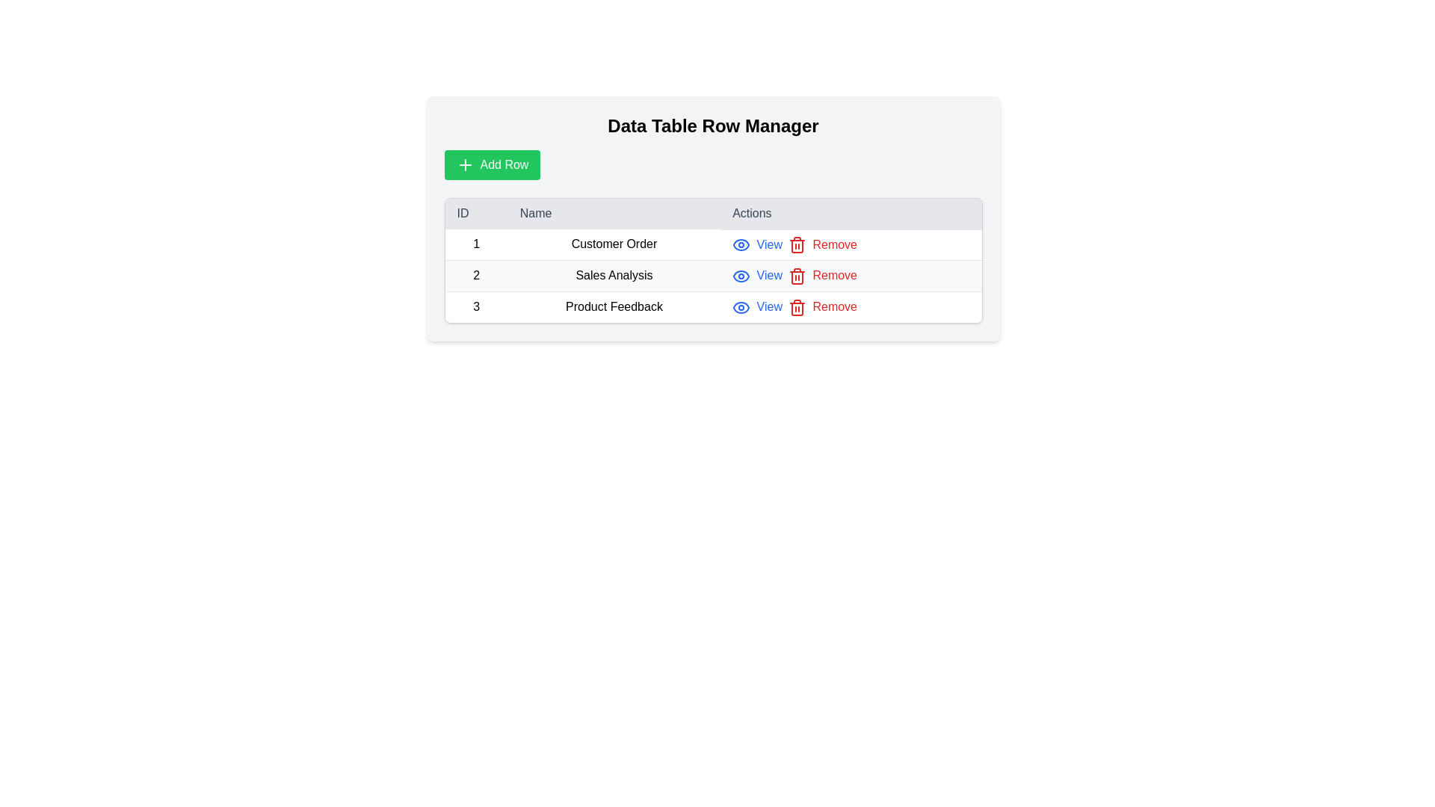  What do you see at coordinates (821, 276) in the screenshot?
I see `the red 'Remove' link styled as a button in the second row of the 'Actions' column` at bounding box center [821, 276].